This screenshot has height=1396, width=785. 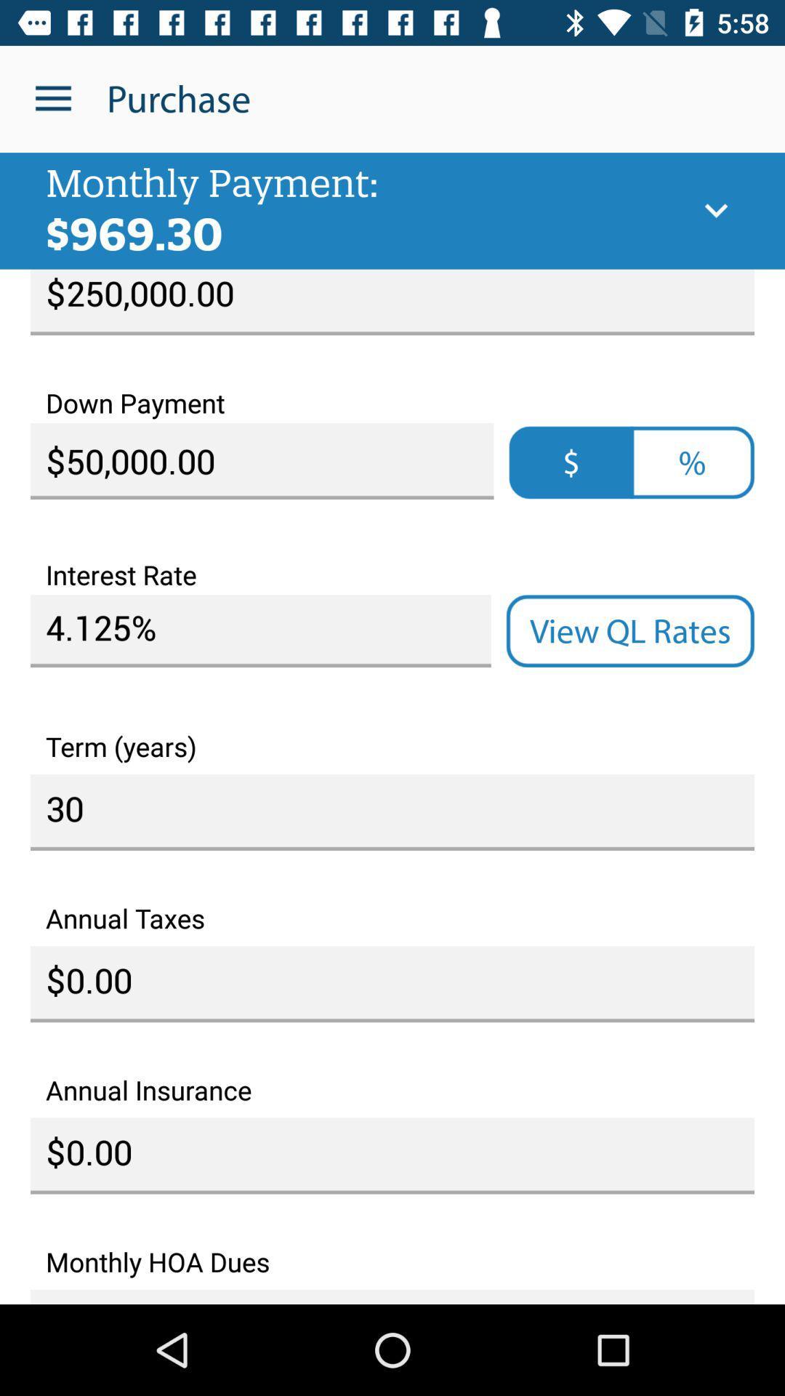 What do you see at coordinates (629, 631) in the screenshot?
I see `the icon above term (years)` at bounding box center [629, 631].